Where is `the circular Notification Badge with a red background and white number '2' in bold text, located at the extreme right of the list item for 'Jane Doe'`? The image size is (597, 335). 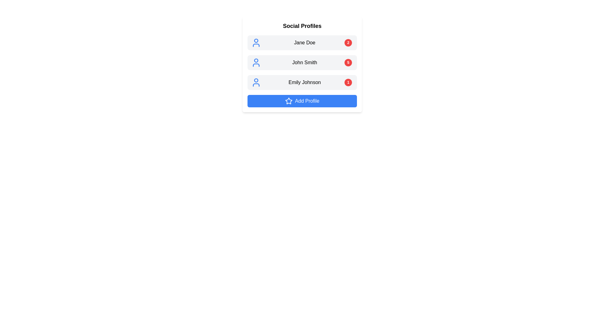 the circular Notification Badge with a red background and white number '2' in bold text, located at the extreme right of the list item for 'Jane Doe' is located at coordinates (348, 42).